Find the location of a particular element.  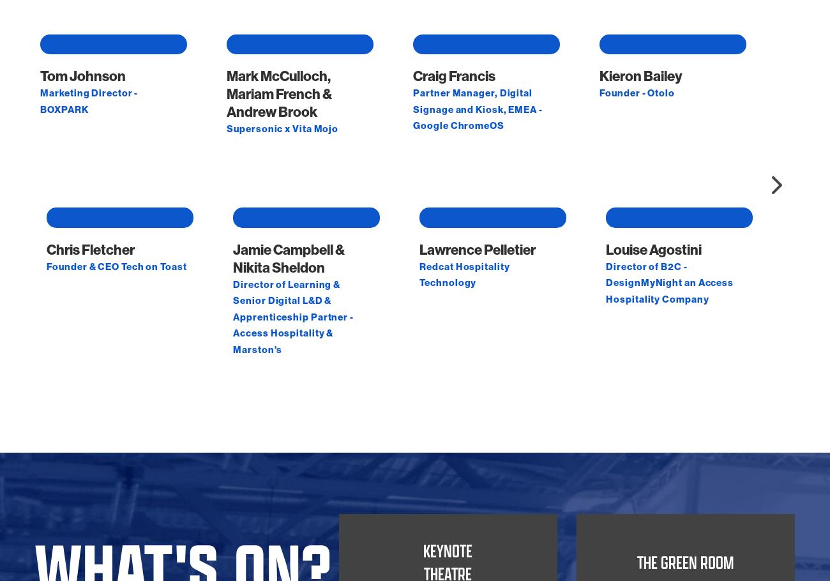

'Louise Agostini' is located at coordinates (606, 375).